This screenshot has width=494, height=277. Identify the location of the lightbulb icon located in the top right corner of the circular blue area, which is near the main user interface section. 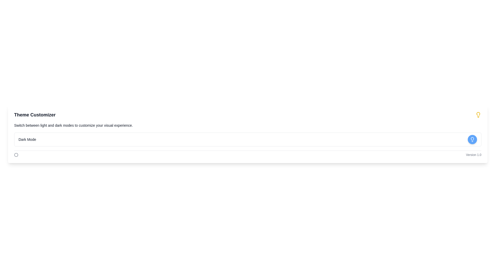
(472, 139).